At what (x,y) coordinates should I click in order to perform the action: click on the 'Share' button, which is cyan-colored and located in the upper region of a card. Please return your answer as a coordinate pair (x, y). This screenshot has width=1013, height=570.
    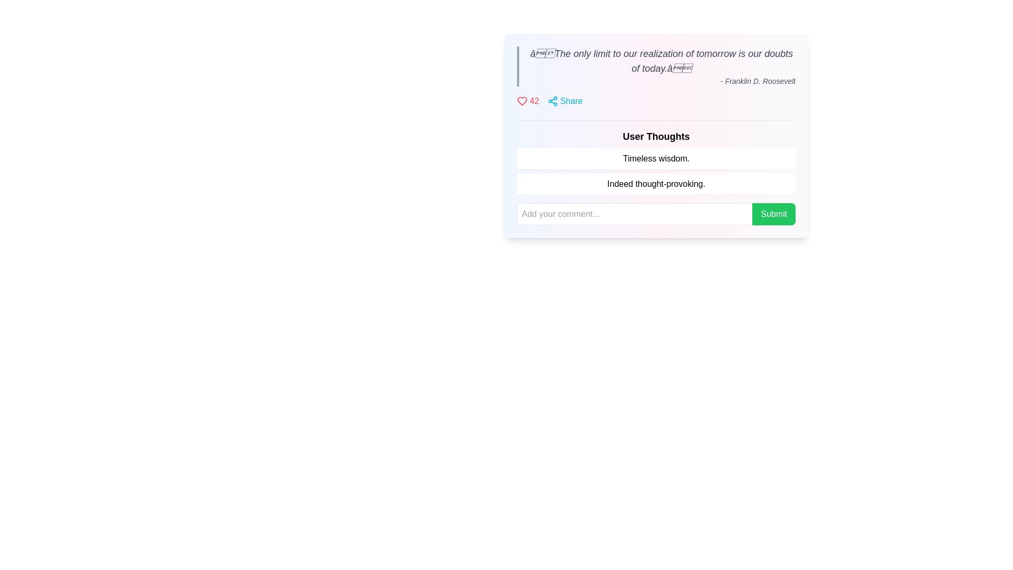
    Looking at the image, I should click on (565, 101).